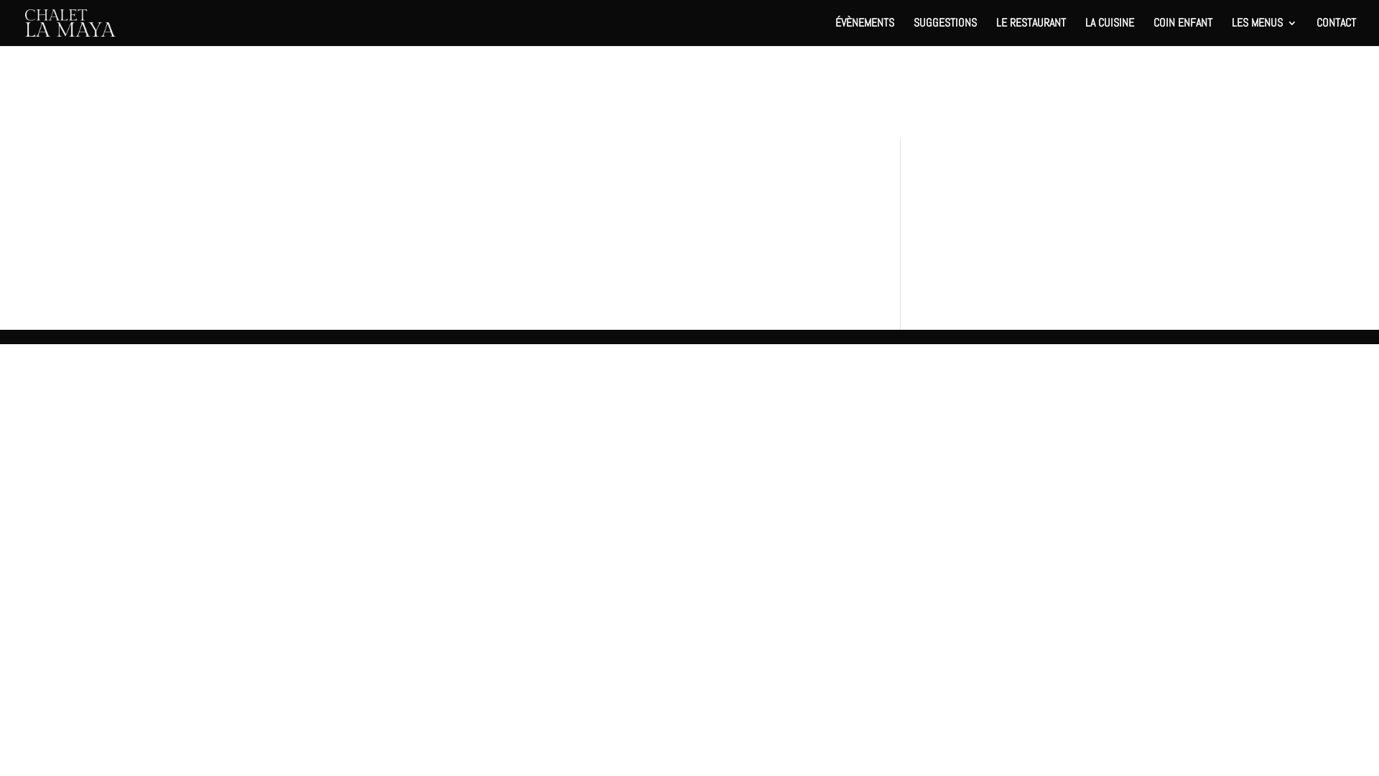  Describe the element at coordinates (1030, 32) in the screenshot. I see `'LE RESTAURANT'` at that location.